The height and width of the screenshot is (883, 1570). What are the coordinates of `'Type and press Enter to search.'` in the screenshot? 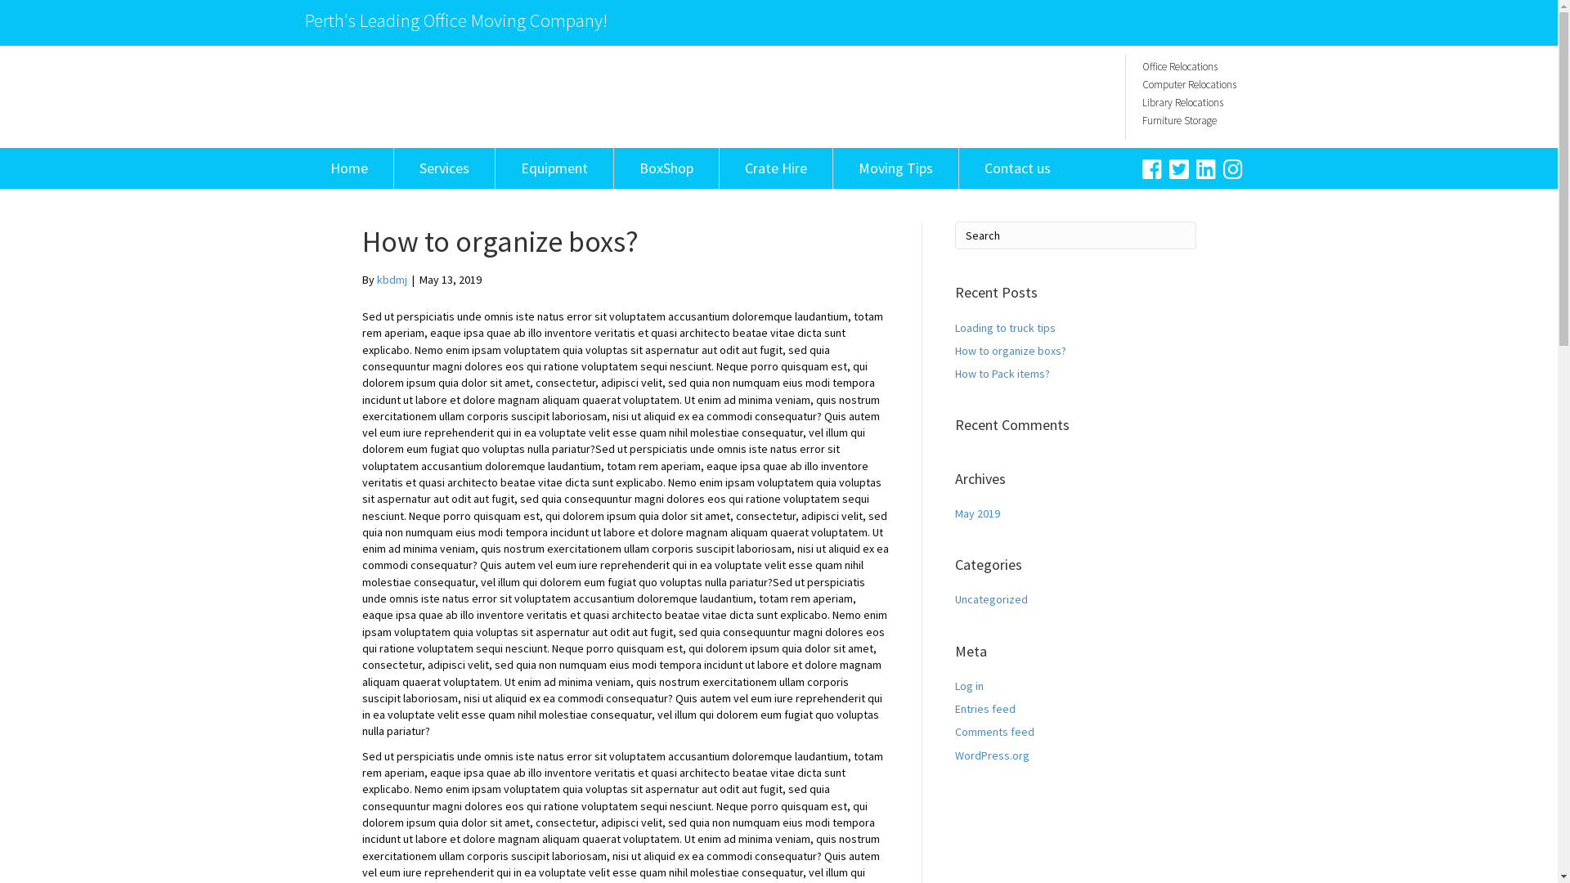 It's located at (954, 235).